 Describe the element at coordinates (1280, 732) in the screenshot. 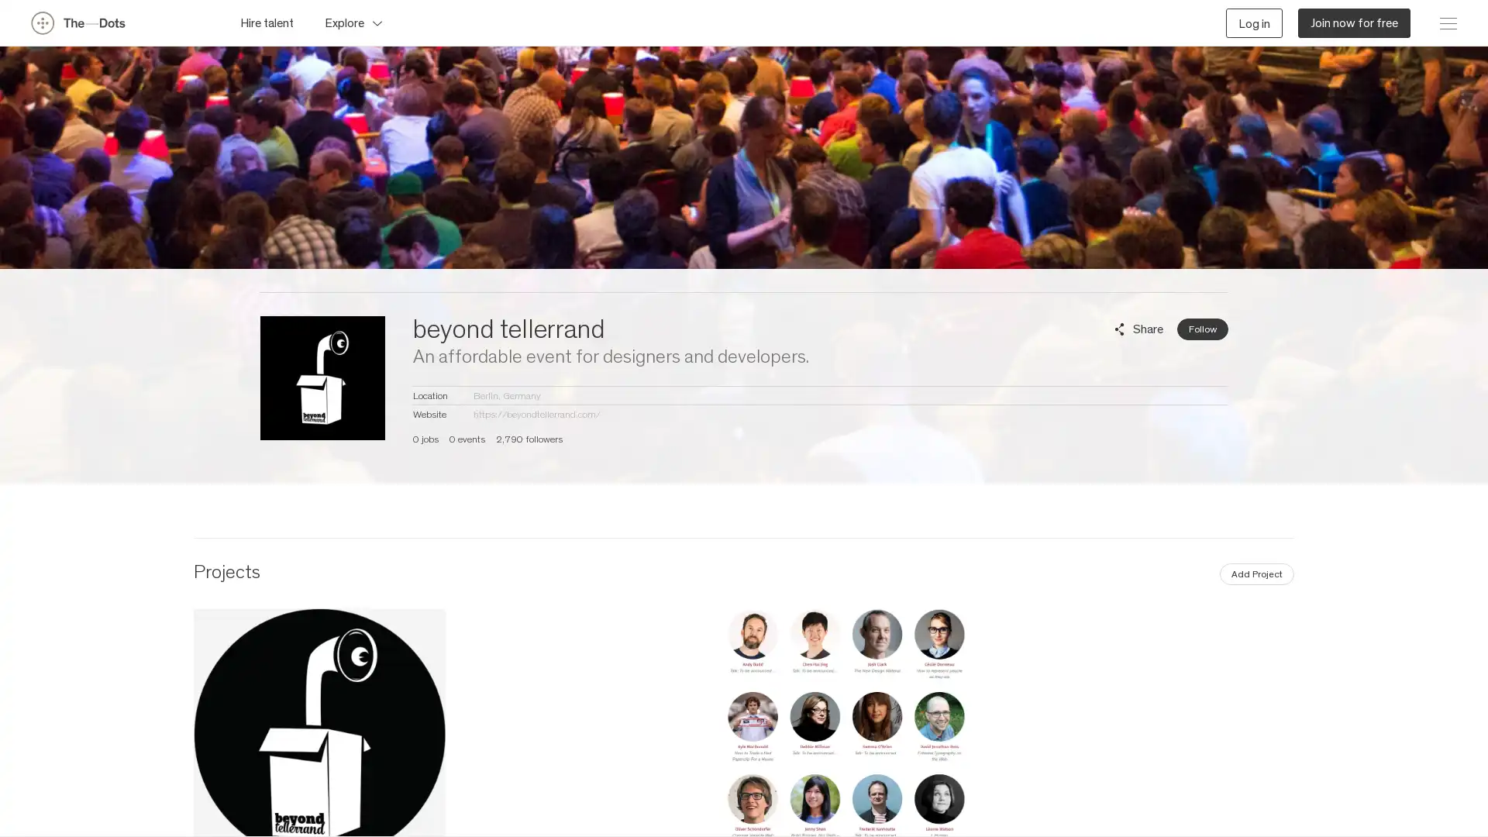

I see `Like this project, 1 like` at that location.